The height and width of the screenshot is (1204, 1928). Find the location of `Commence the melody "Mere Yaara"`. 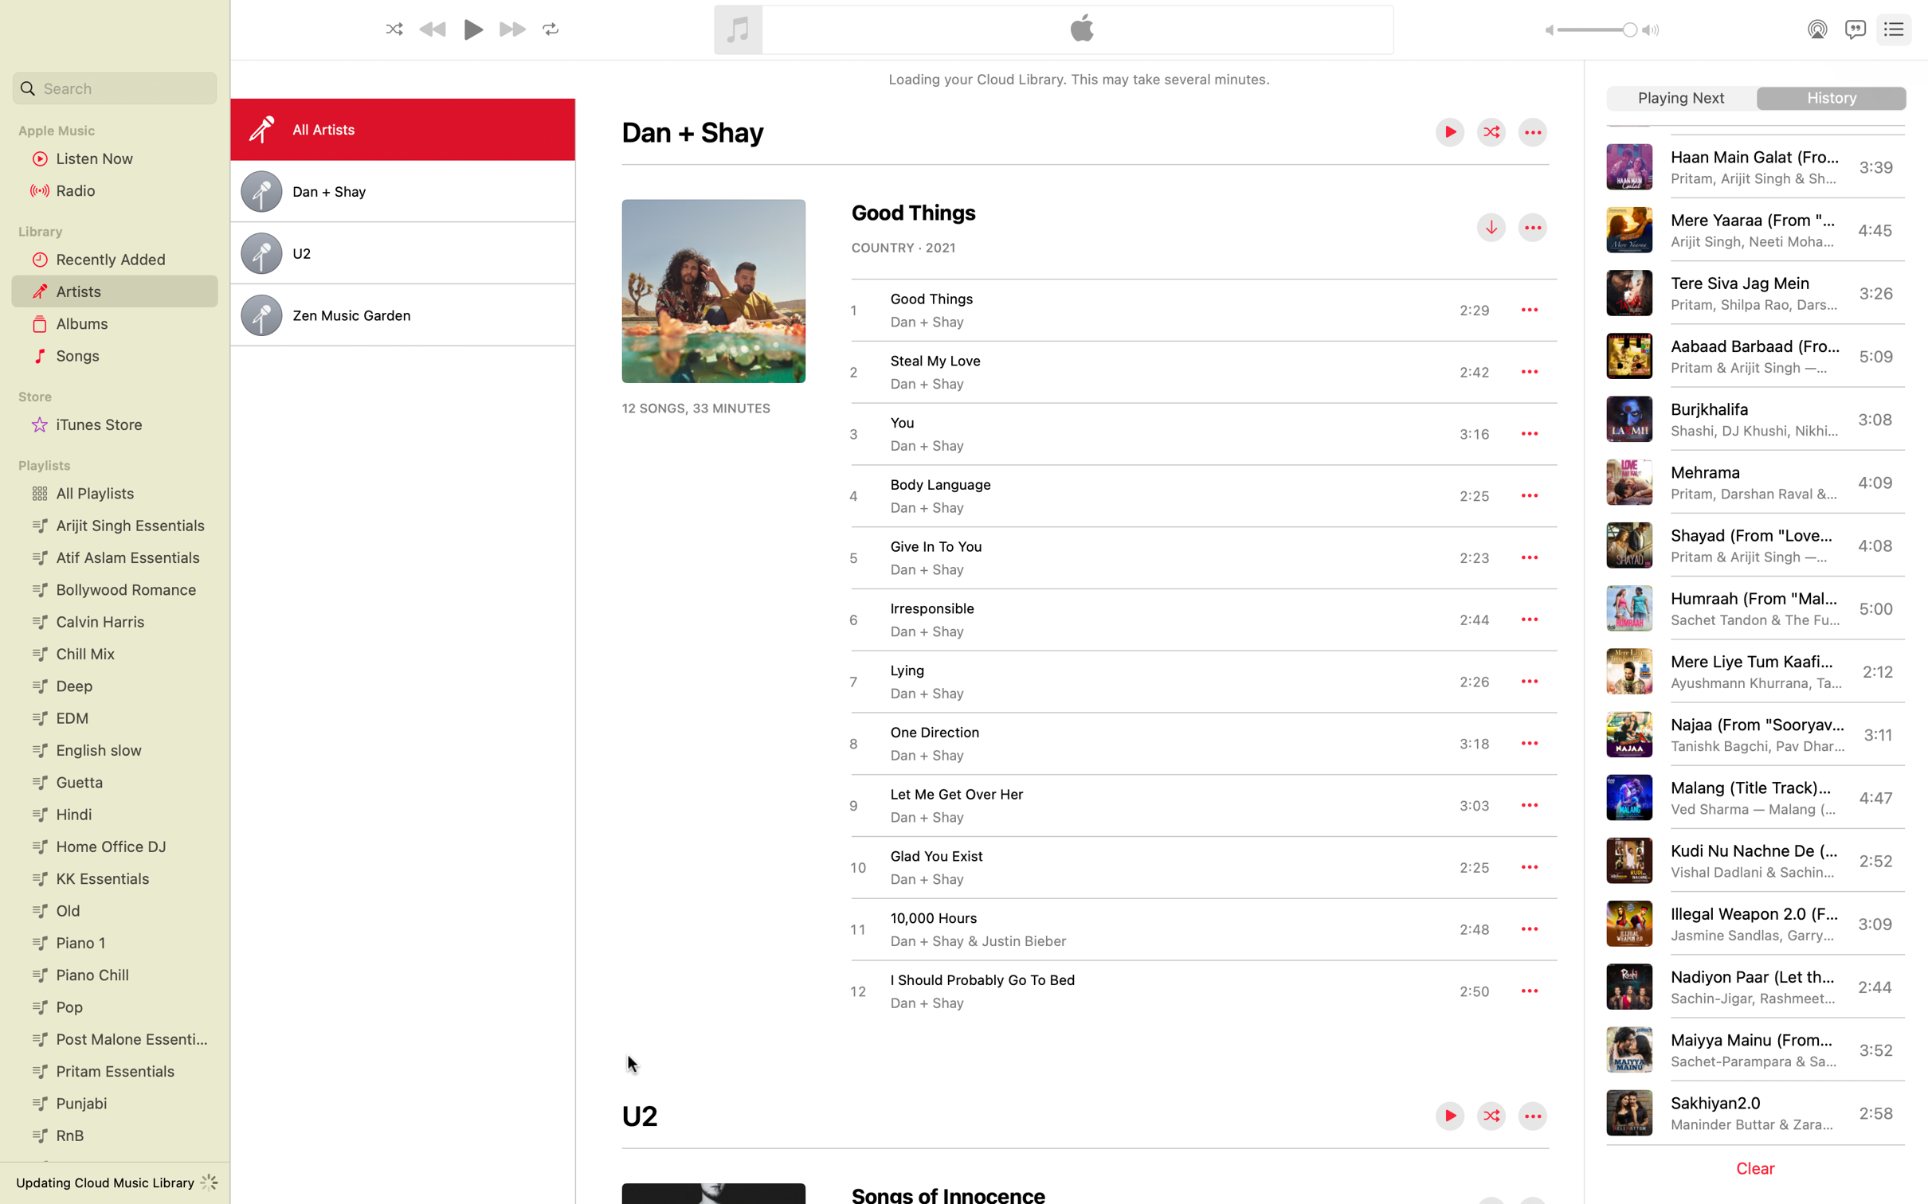

Commence the melody "Mere Yaara" is located at coordinates (1757, 229).